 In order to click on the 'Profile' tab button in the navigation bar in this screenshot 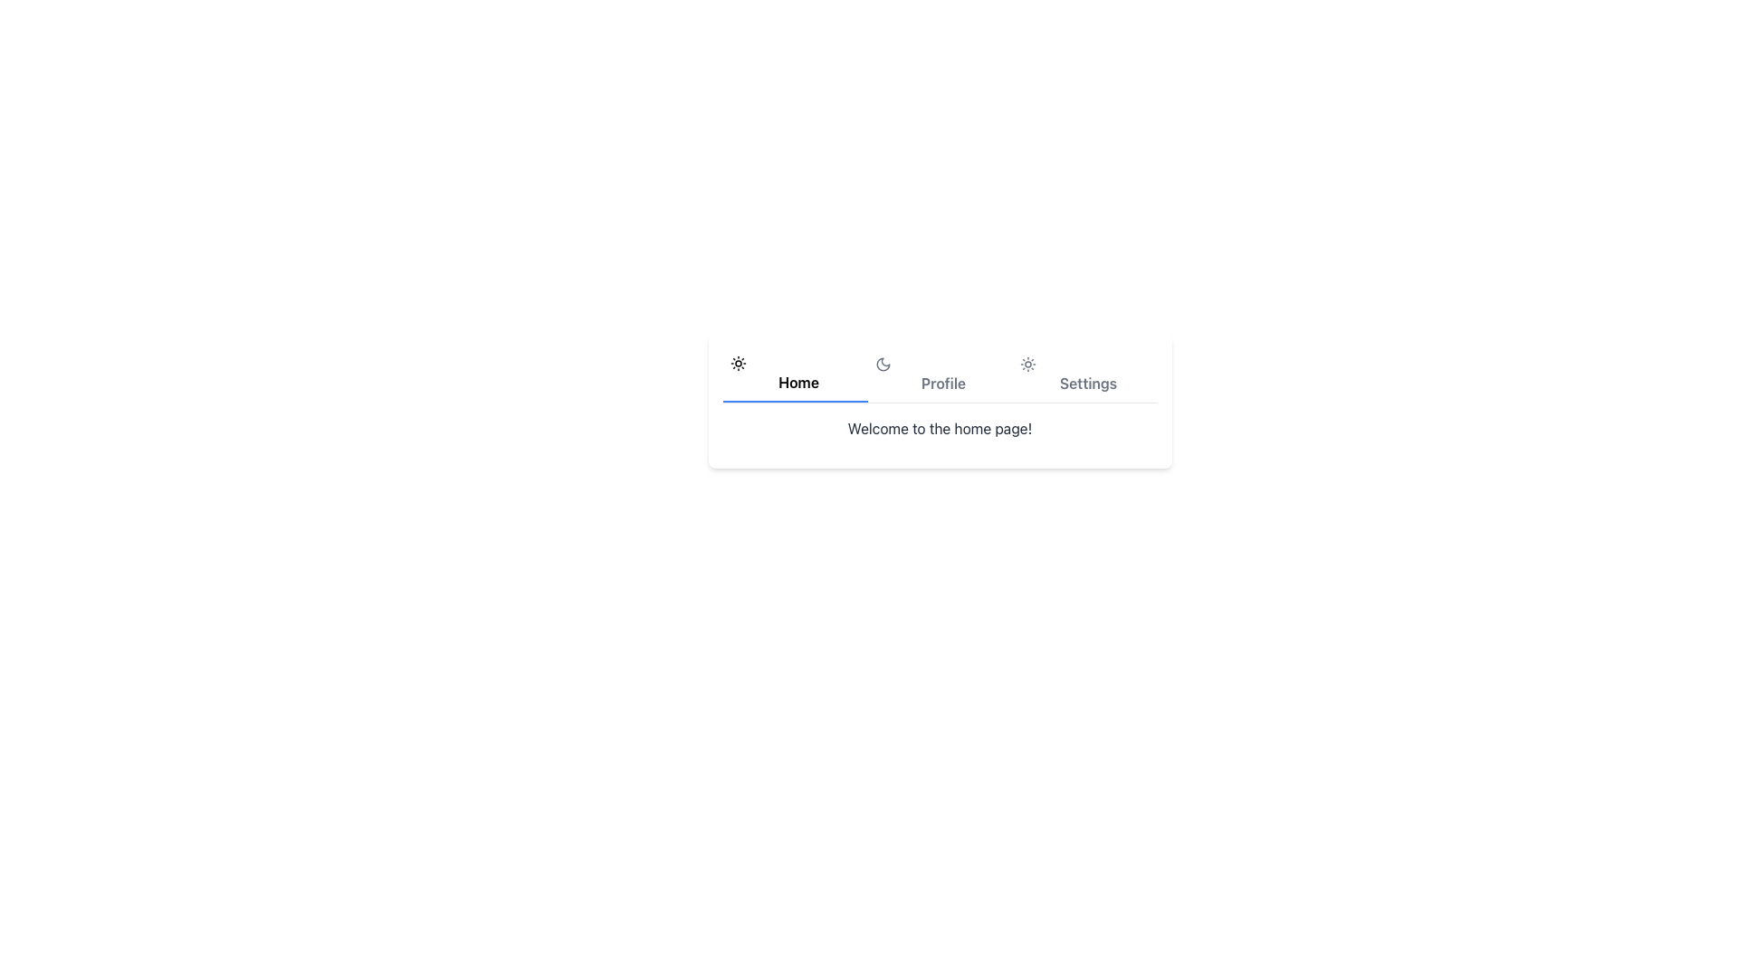, I will do `click(940, 375)`.